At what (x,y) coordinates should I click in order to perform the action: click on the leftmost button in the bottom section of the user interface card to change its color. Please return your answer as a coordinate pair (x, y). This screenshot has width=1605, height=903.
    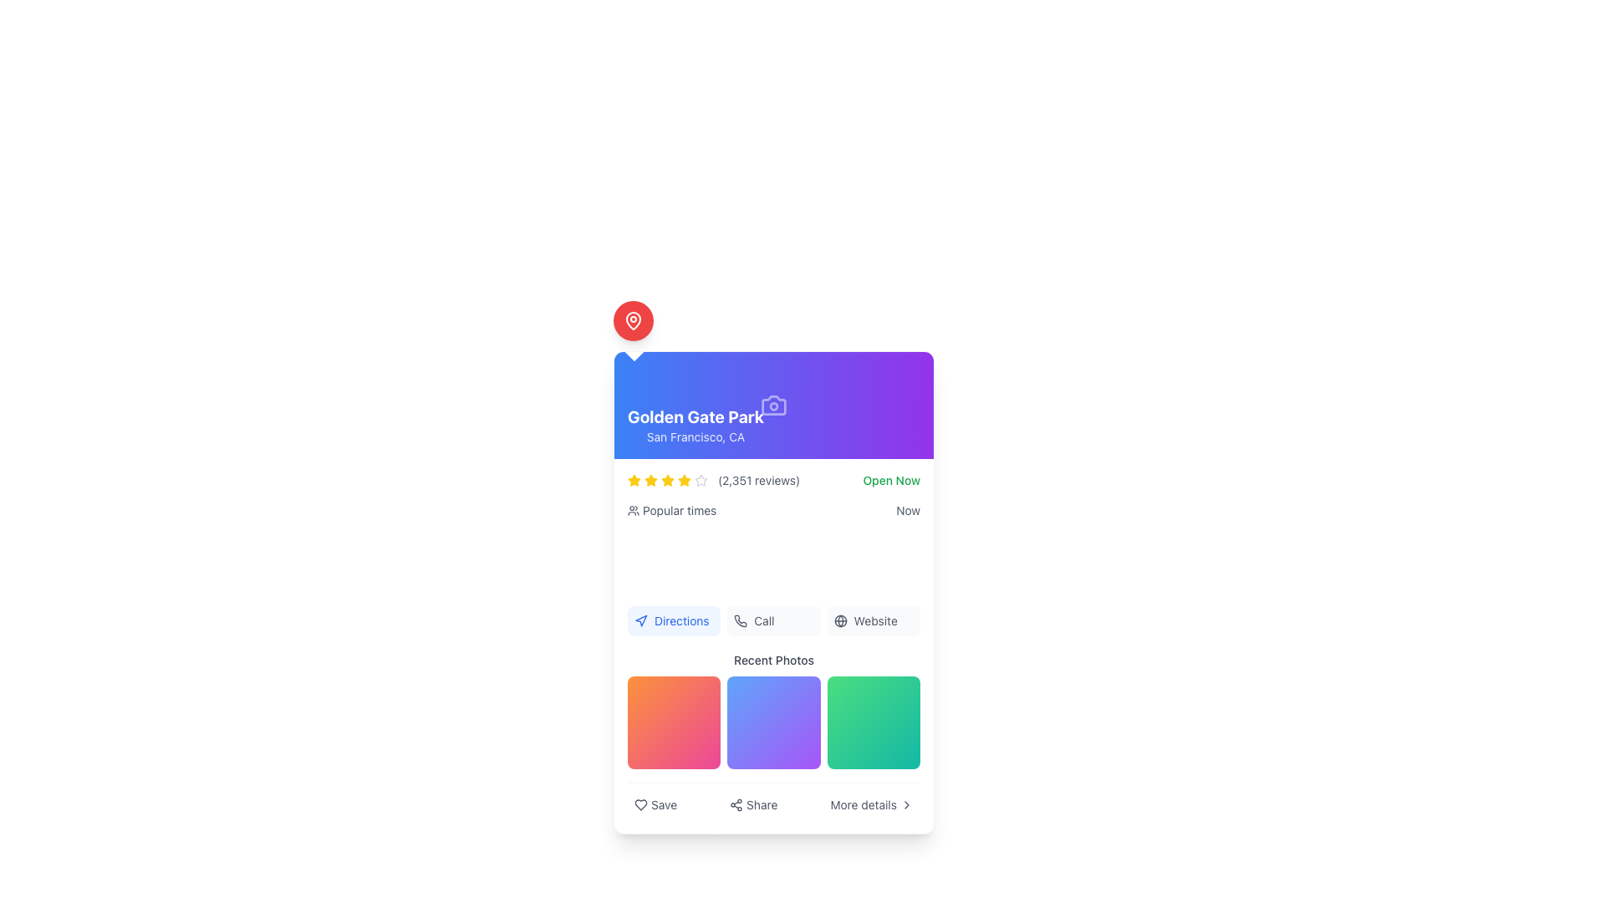
    Looking at the image, I should click on (655, 804).